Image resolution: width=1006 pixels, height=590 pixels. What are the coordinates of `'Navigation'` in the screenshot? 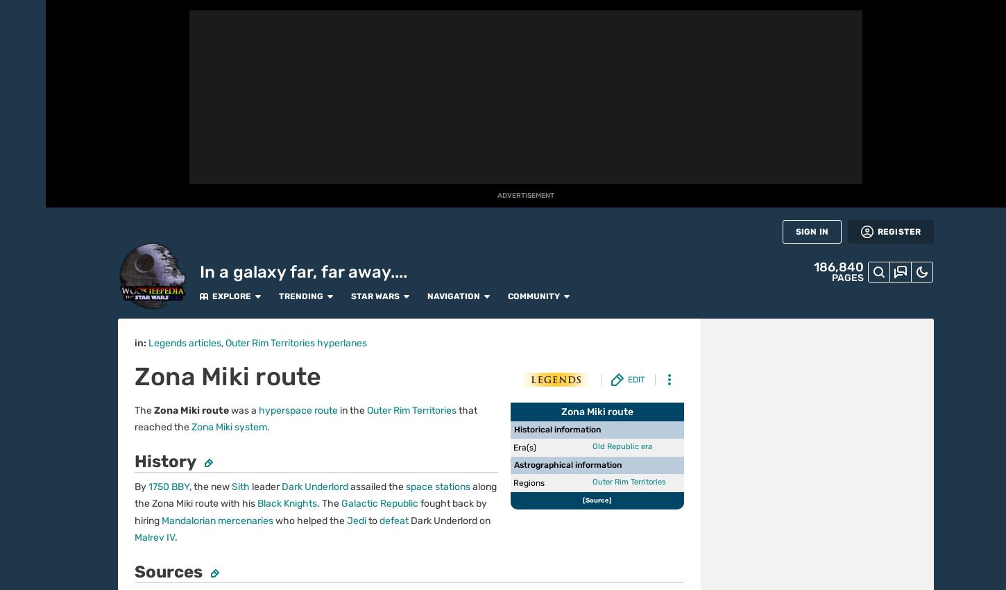 It's located at (430, 15).